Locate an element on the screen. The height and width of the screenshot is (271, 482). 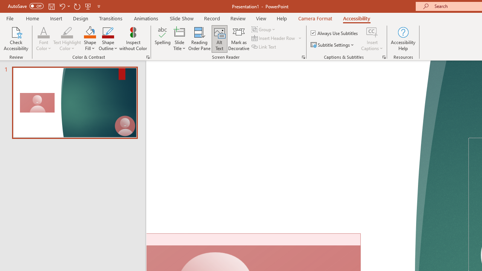
'Always Use Subtitles' is located at coordinates (334, 32).